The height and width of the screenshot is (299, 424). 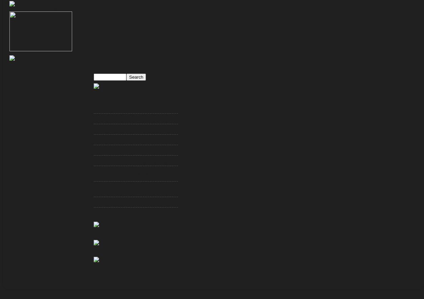 I want to click on 'Sports Take a Back Seat to a Real-Life Tragedy', so click(x=133, y=131).